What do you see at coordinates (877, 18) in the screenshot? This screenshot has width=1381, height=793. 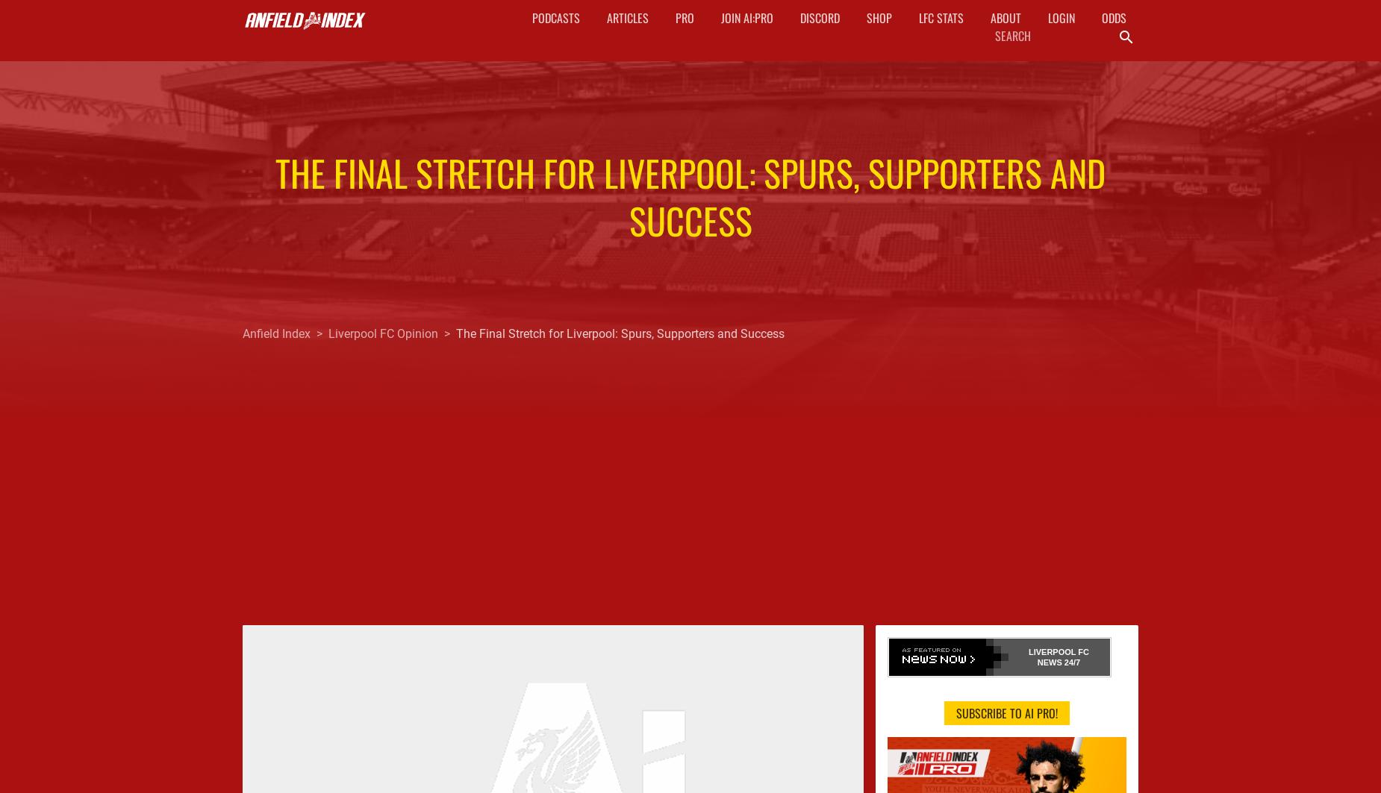 I see `'Shop'` at bounding box center [877, 18].